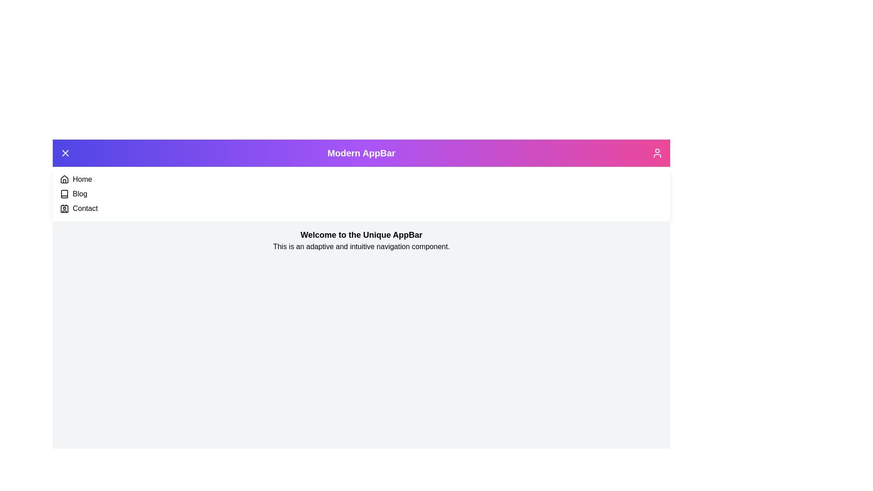 Image resolution: width=873 pixels, height=491 pixels. Describe the element at coordinates (64, 179) in the screenshot. I see `the navigation item Home from the menu` at that location.